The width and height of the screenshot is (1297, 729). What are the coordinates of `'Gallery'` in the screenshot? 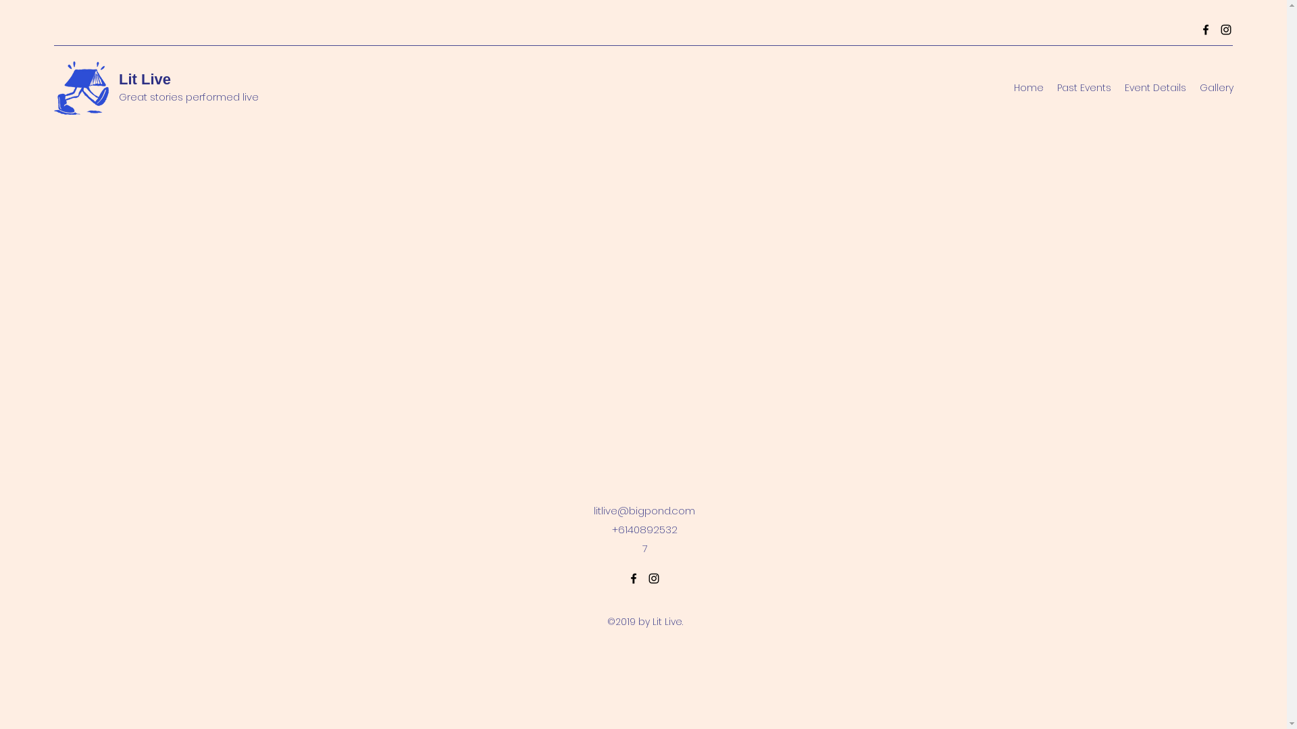 It's located at (1216, 88).